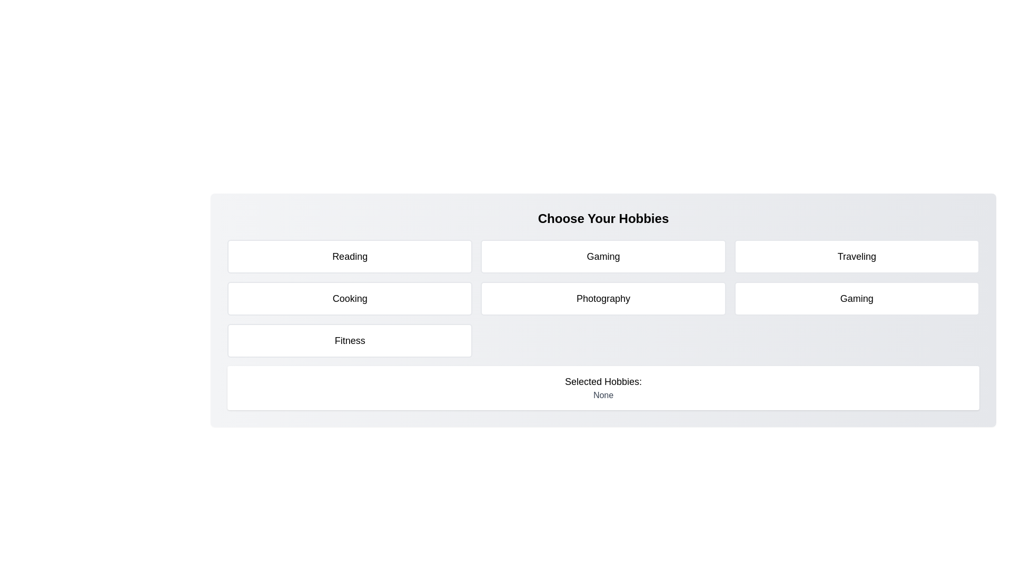 This screenshot has width=1011, height=568. What do you see at coordinates (350, 257) in the screenshot?
I see `the tile representing the hobby Reading to toggle its selection` at bounding box center [350, 257].